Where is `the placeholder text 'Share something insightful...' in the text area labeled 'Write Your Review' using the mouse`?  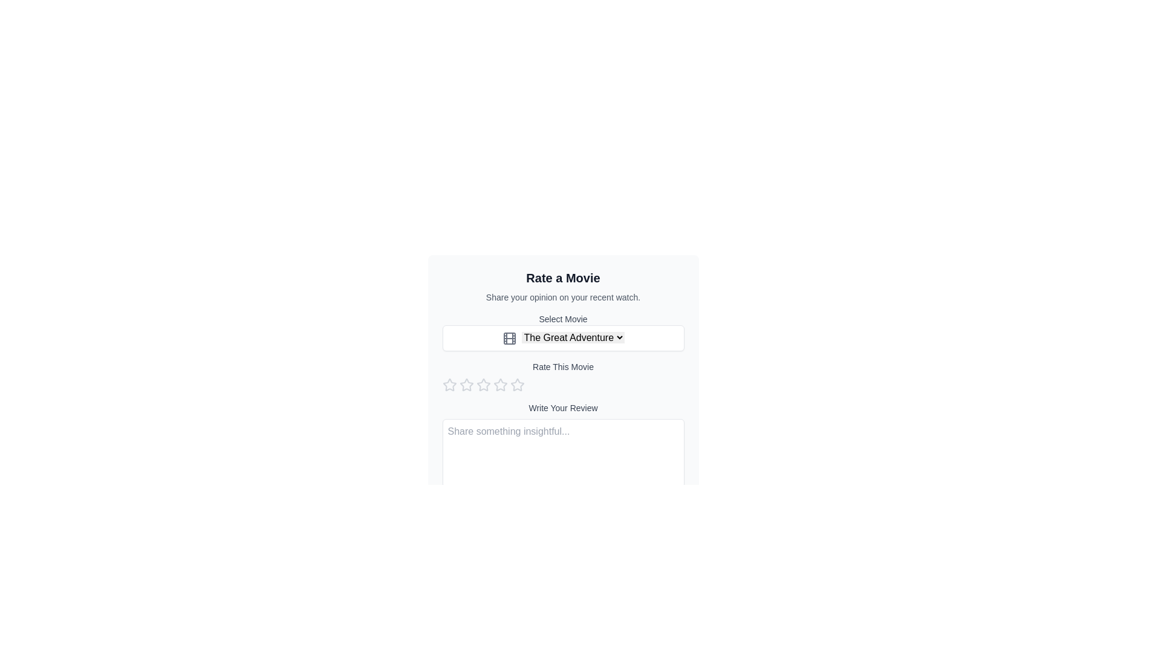
the placeholder text 'Share something insightful...' in the text area labeled 'Write Your Review' using the mouse is located at coordinates (562, 447).